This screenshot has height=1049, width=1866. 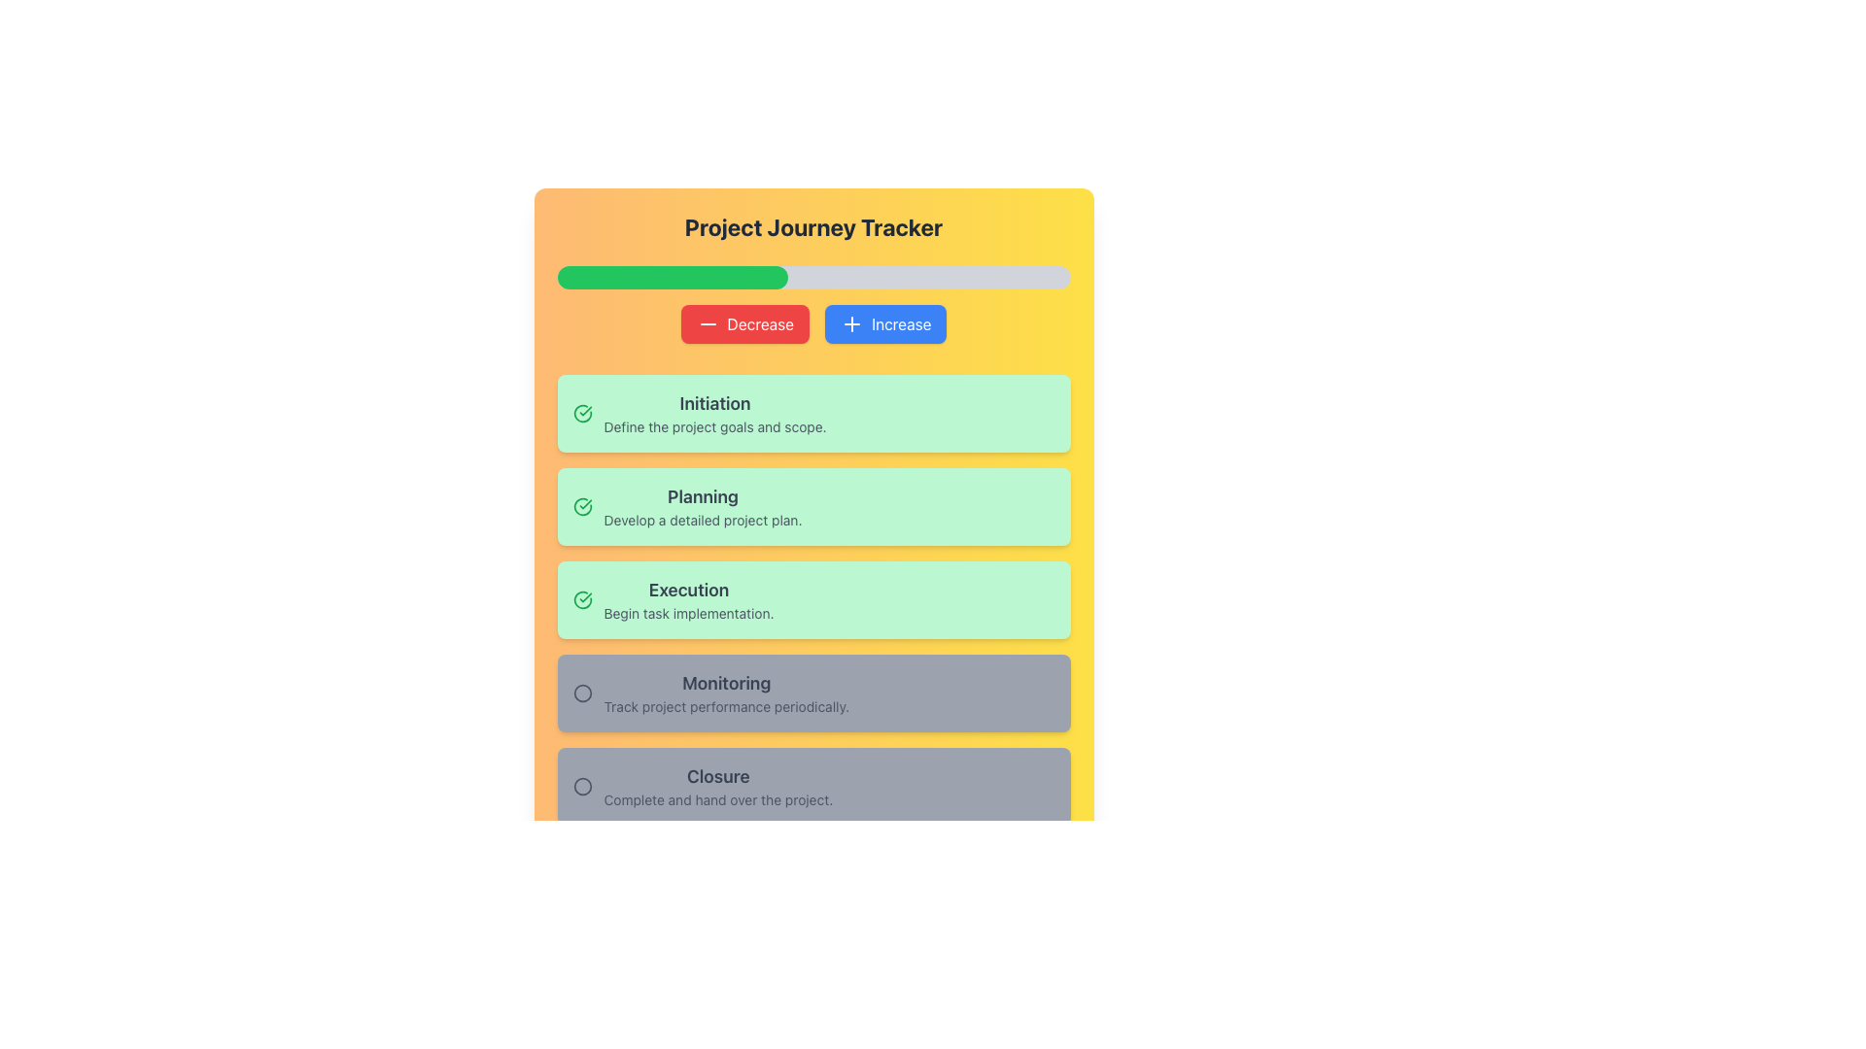 I want to click on the text label displaying 'Decrease' in white font against a red background, which is part of a button component located near the top of the application interface, so click(x=759, y=323).